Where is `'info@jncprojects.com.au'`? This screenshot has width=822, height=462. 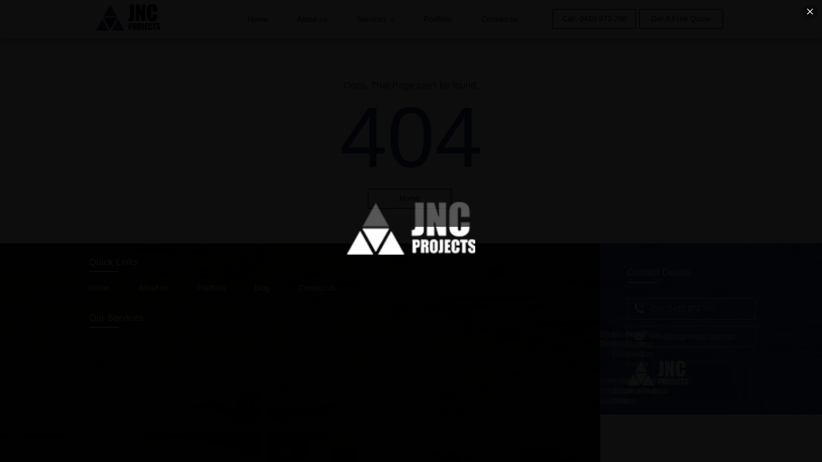
'info@jncprojects.com.au' is located at coordinates (693, 336).